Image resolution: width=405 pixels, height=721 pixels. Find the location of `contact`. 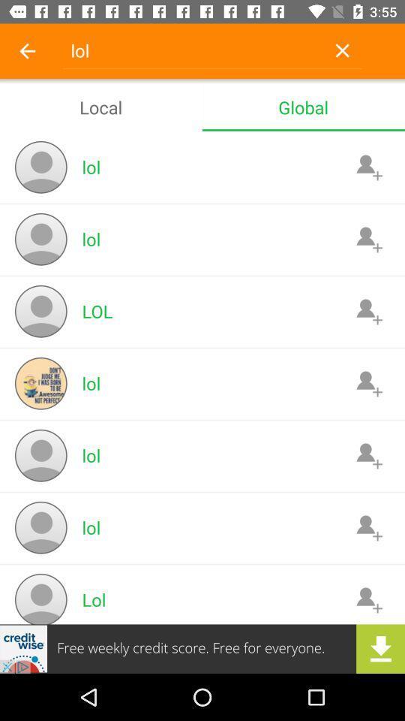

contact is located at coordinates (368, 454).